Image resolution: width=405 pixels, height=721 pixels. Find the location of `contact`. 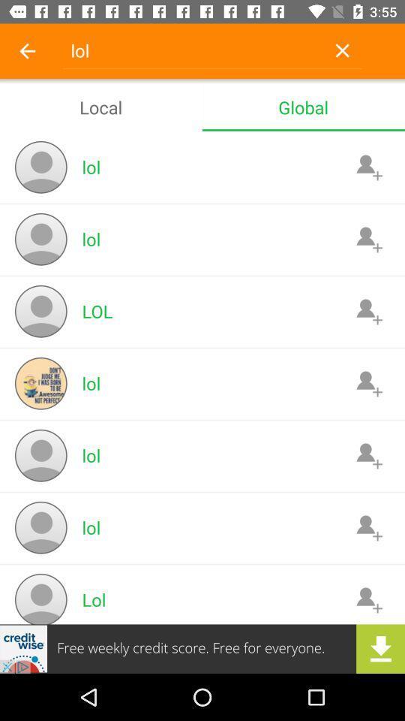

contact is located at coordinates (368, 454).